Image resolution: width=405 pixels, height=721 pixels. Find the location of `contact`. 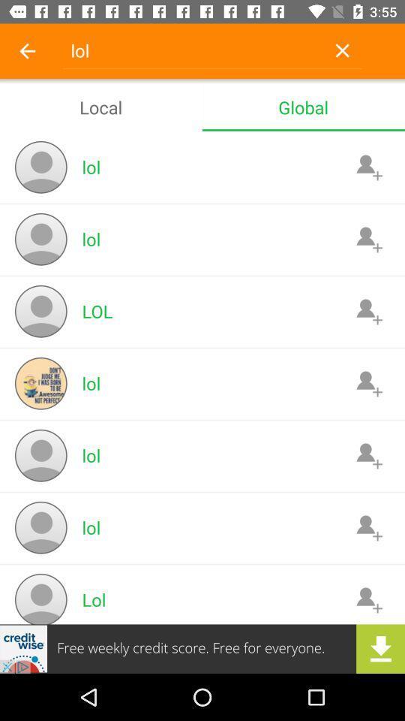

contact is located at coordinates (368, 454).